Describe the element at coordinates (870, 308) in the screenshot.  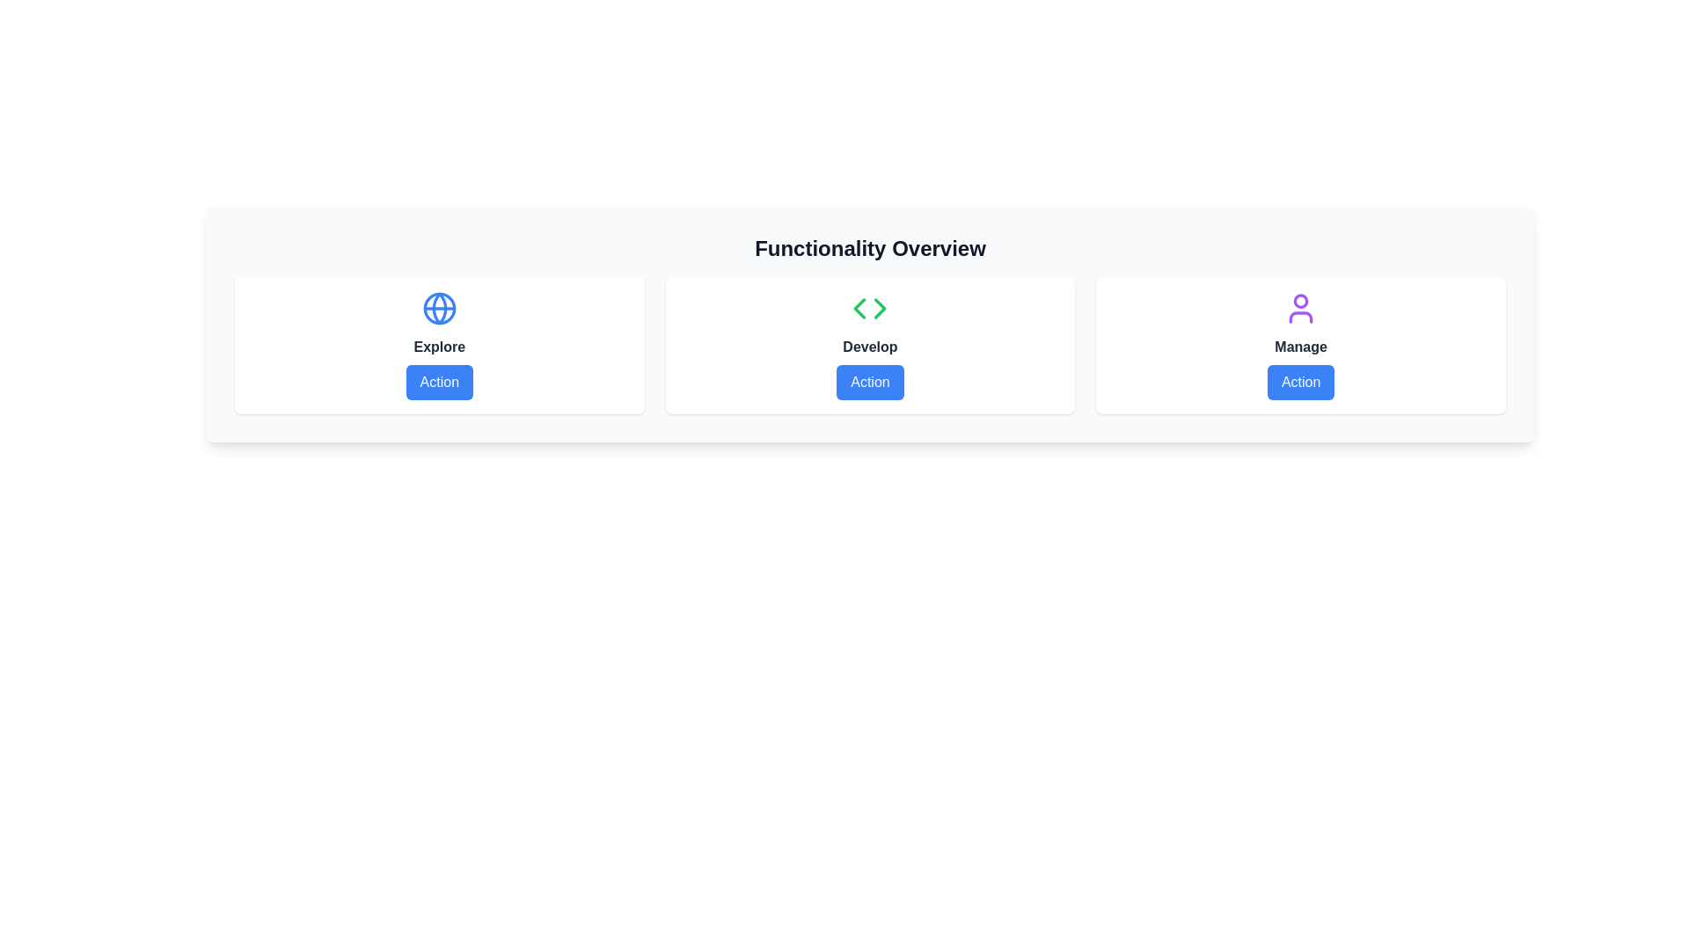
I see `the development-related icon centered above the 'Develop' text label and the blue 'Action' button within the 'Develop' card if it is interactive` at that location.